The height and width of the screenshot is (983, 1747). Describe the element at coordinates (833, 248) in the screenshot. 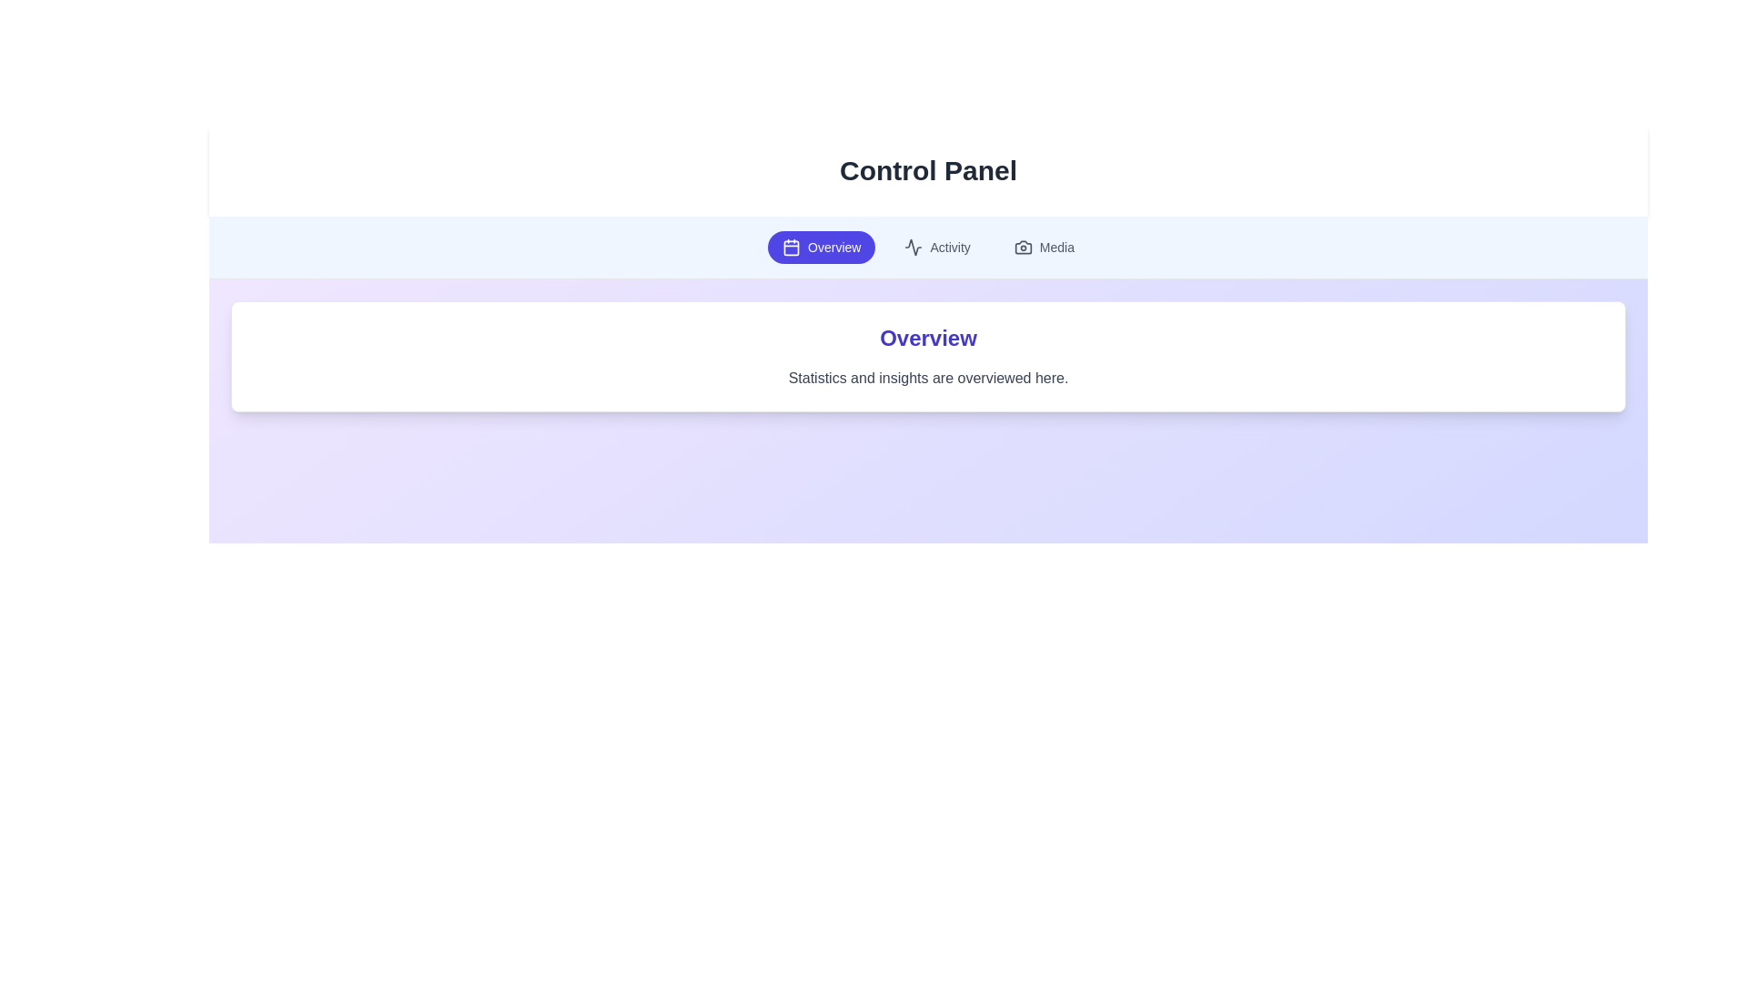

I see `the navigation button labeled 'Overview' located at the center-left of the top navigation bar, adjacent to the calendar icon` at that location.